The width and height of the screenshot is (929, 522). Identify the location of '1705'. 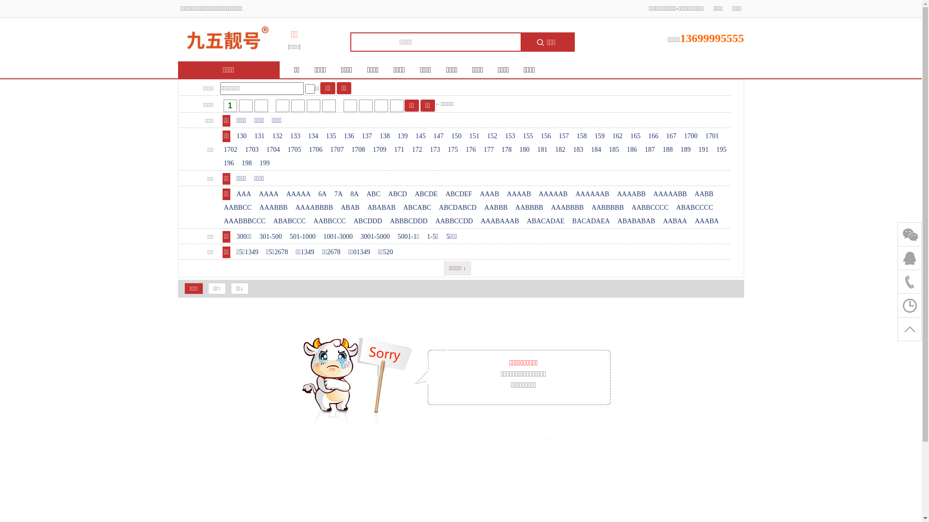
(285, 149).